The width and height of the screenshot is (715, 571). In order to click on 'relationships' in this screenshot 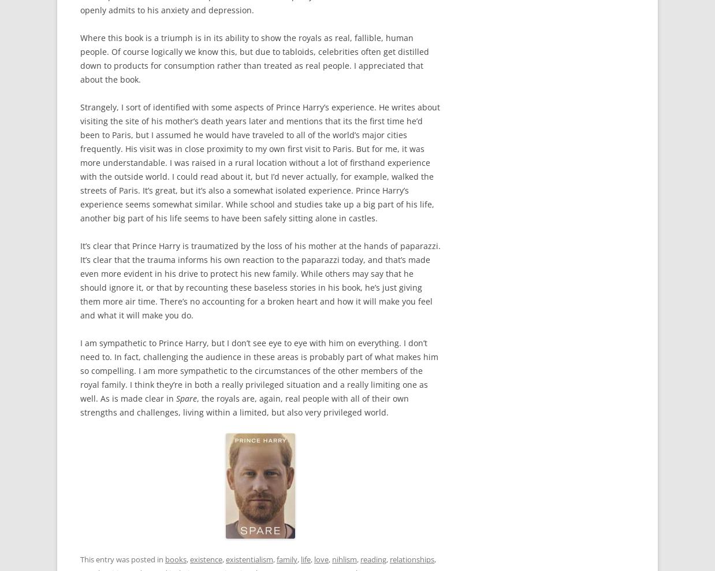, I will do `click(411, 559)`.